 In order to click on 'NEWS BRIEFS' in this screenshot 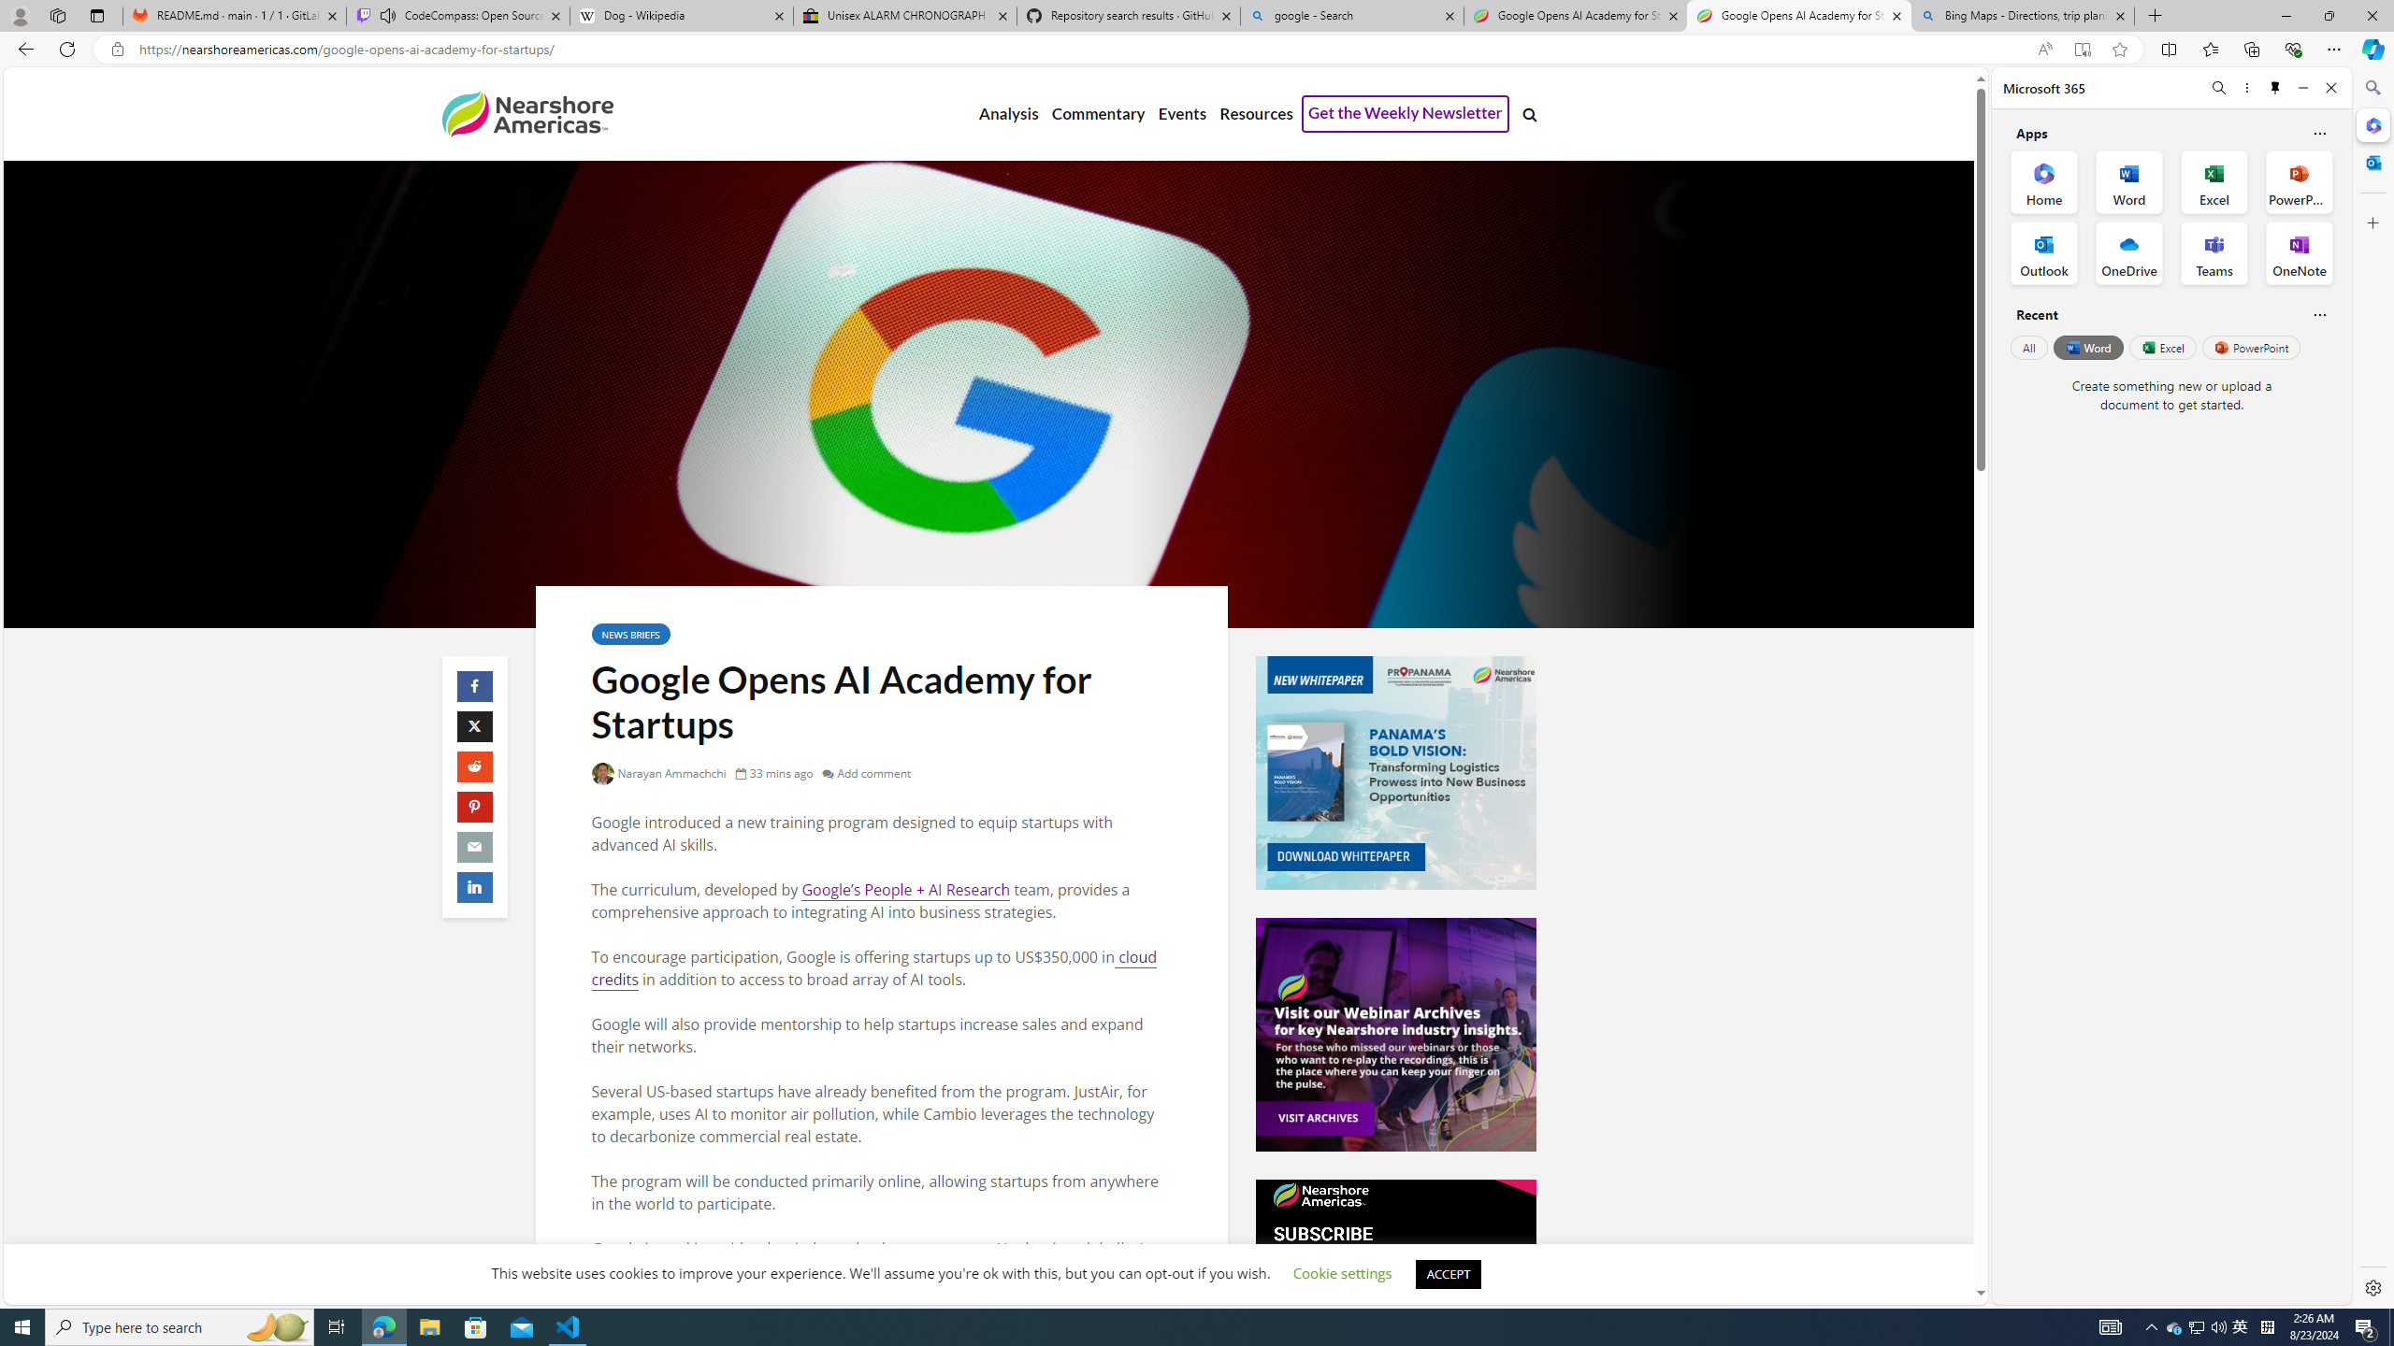, I will do `click(629, 633)`.